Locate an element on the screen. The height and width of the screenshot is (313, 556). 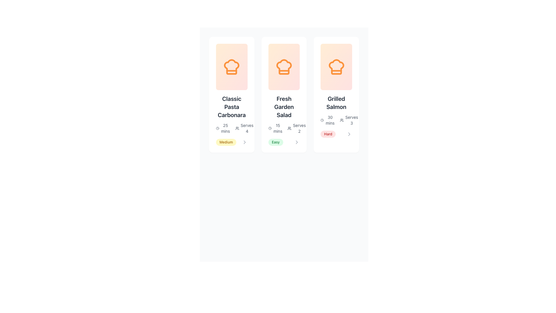
the icon representing freshness on the recipe card titled 'Fresh Garden Salad', located at the center of the card above the text and other icons is located at coordinates (284, 67).